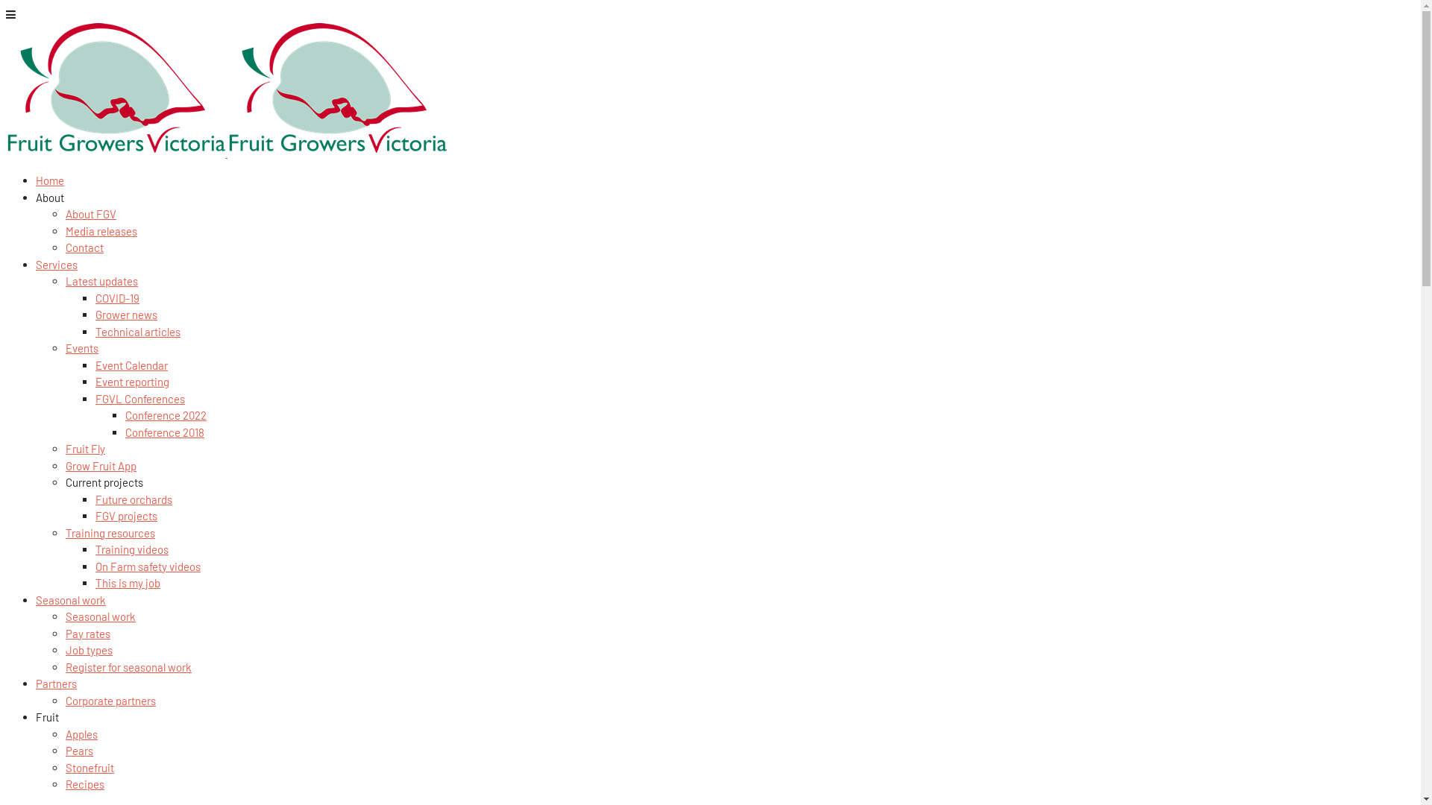 The image size is (1432, 805). Describe the element at coordinates (148, 566) in the screenshot. I see `'On Farm safety videos'` at that location.